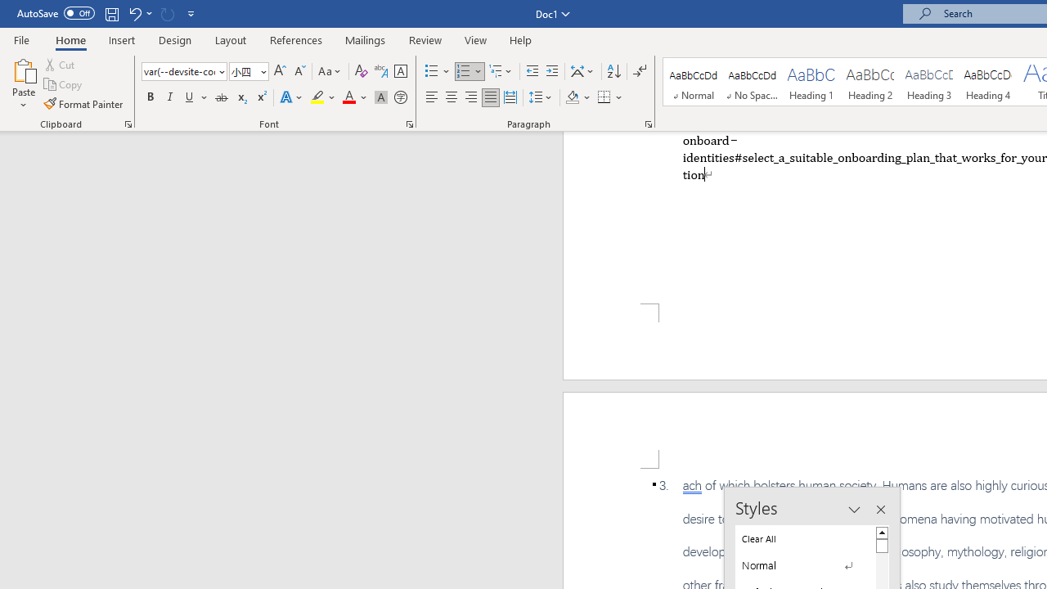  What do you see at coordinates (243, 70) in the screenshot?
I see `'Font Size'` at bounding box center [243, 70].